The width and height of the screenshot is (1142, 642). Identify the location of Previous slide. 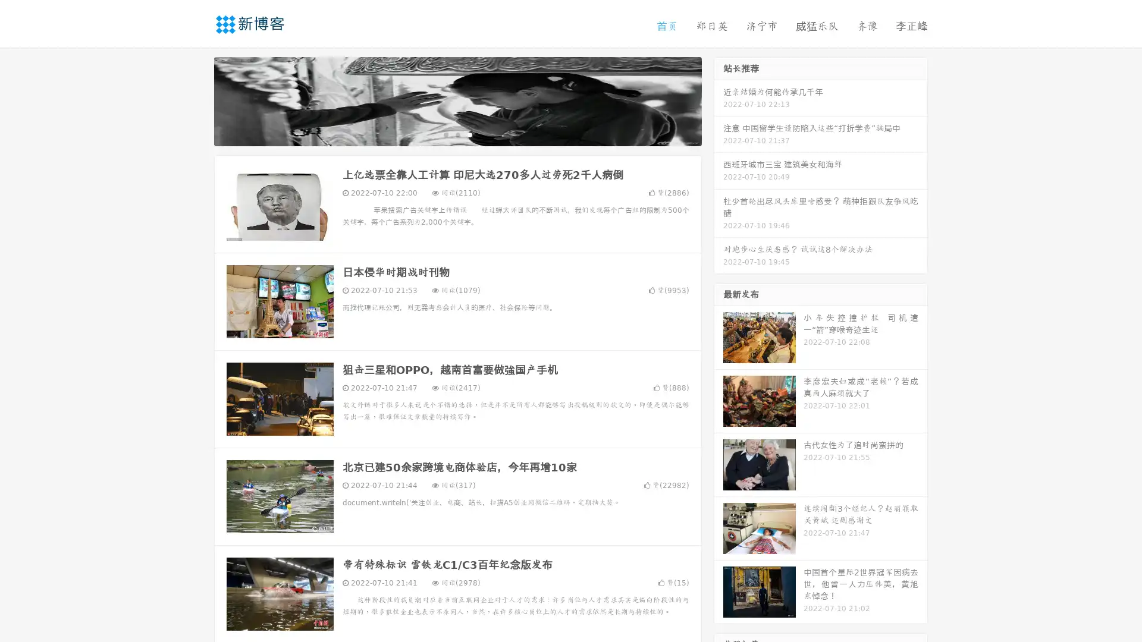
(196, 100).